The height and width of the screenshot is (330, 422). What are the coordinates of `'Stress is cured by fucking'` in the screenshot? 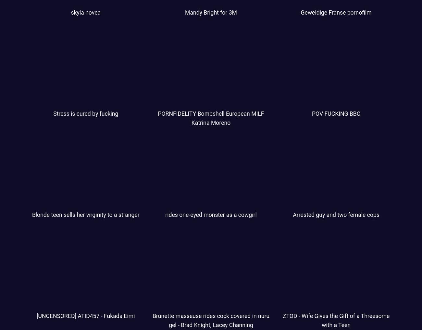 It's located at (85, 113).